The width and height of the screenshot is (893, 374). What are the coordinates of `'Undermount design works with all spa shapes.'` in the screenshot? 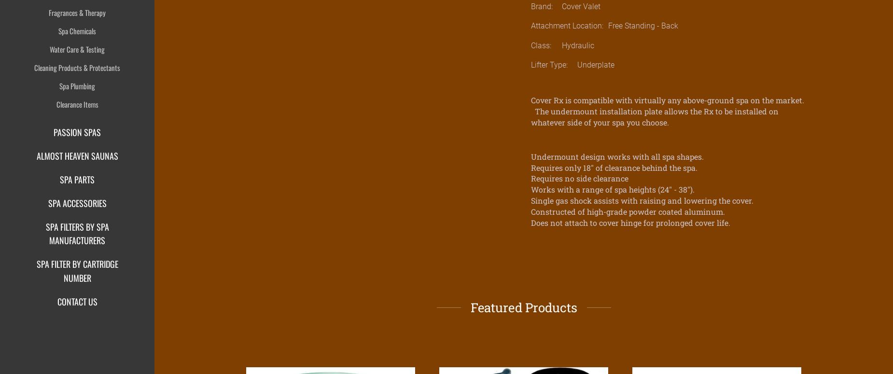 It's located at (617, 155).